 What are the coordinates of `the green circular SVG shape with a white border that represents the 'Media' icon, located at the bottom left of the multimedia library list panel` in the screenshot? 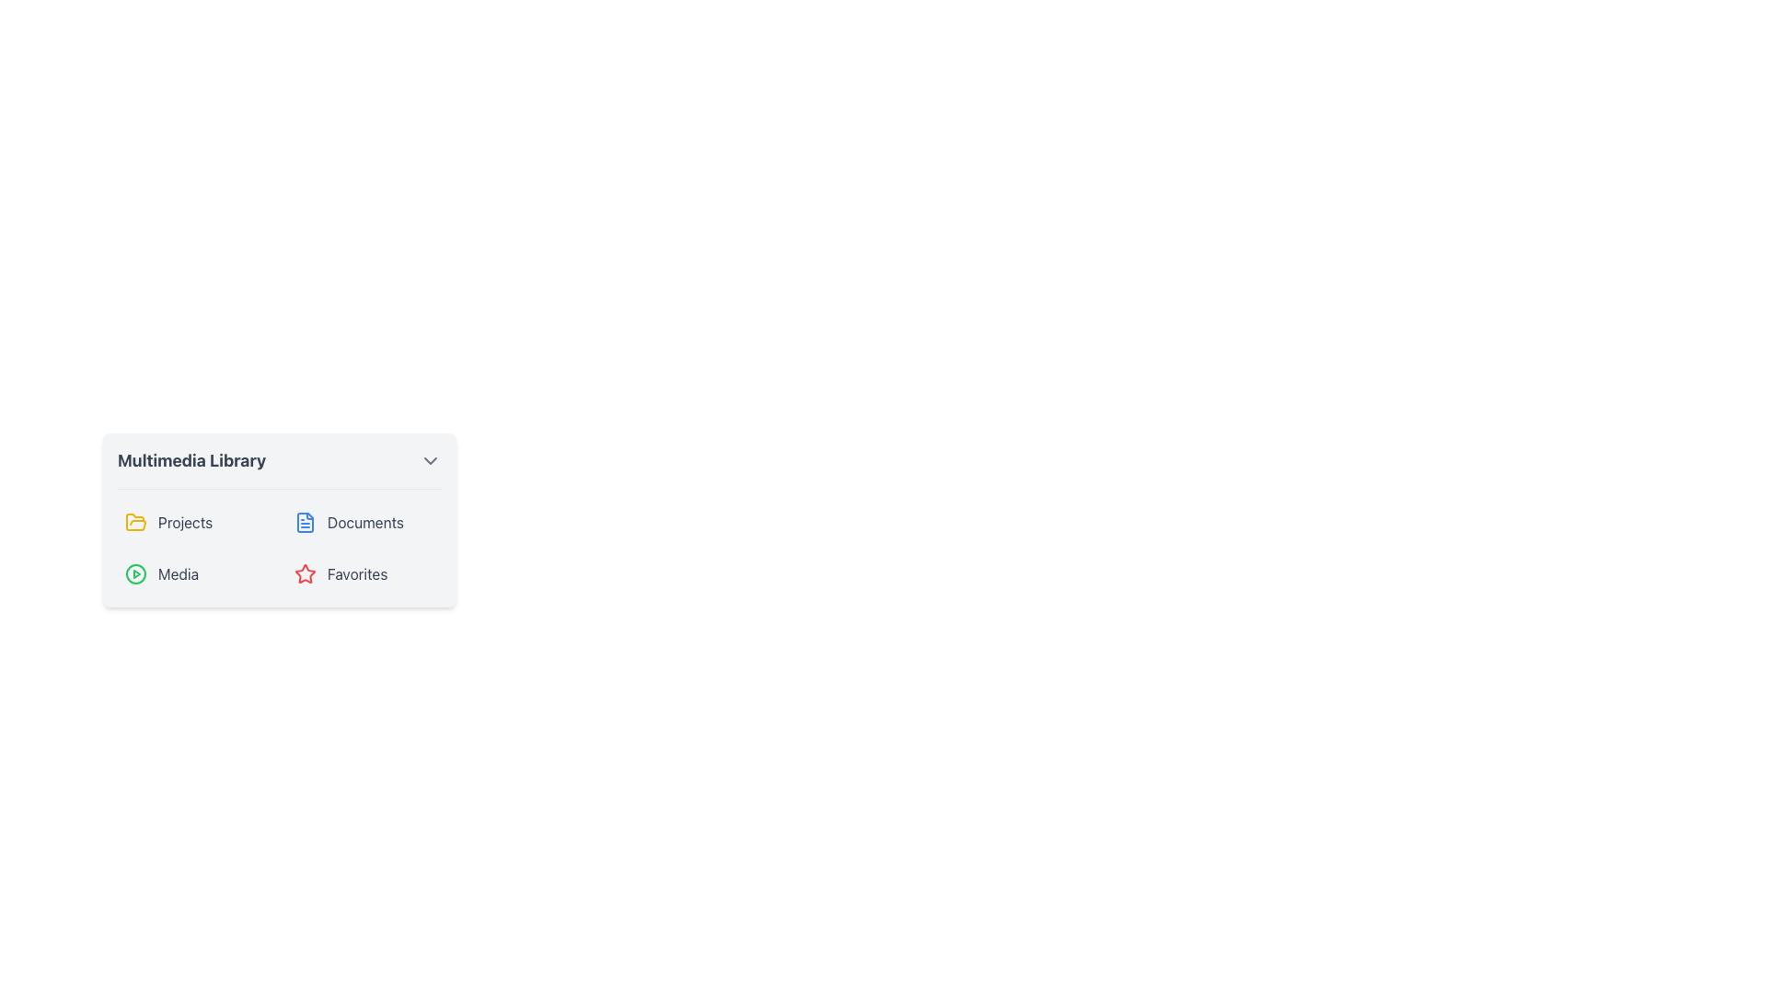 It's located at (135, 573).